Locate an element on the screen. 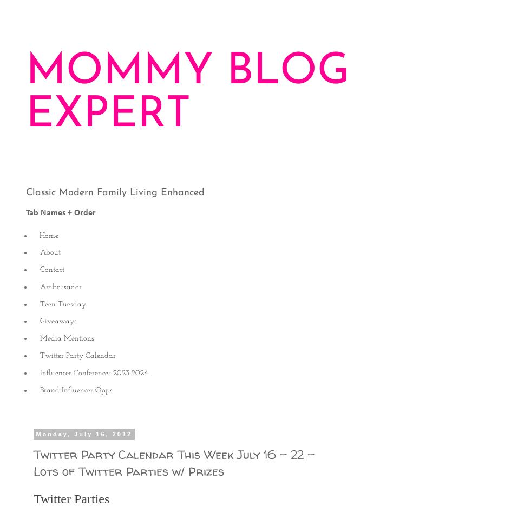  'Home' is located at coordinates (49, 235).